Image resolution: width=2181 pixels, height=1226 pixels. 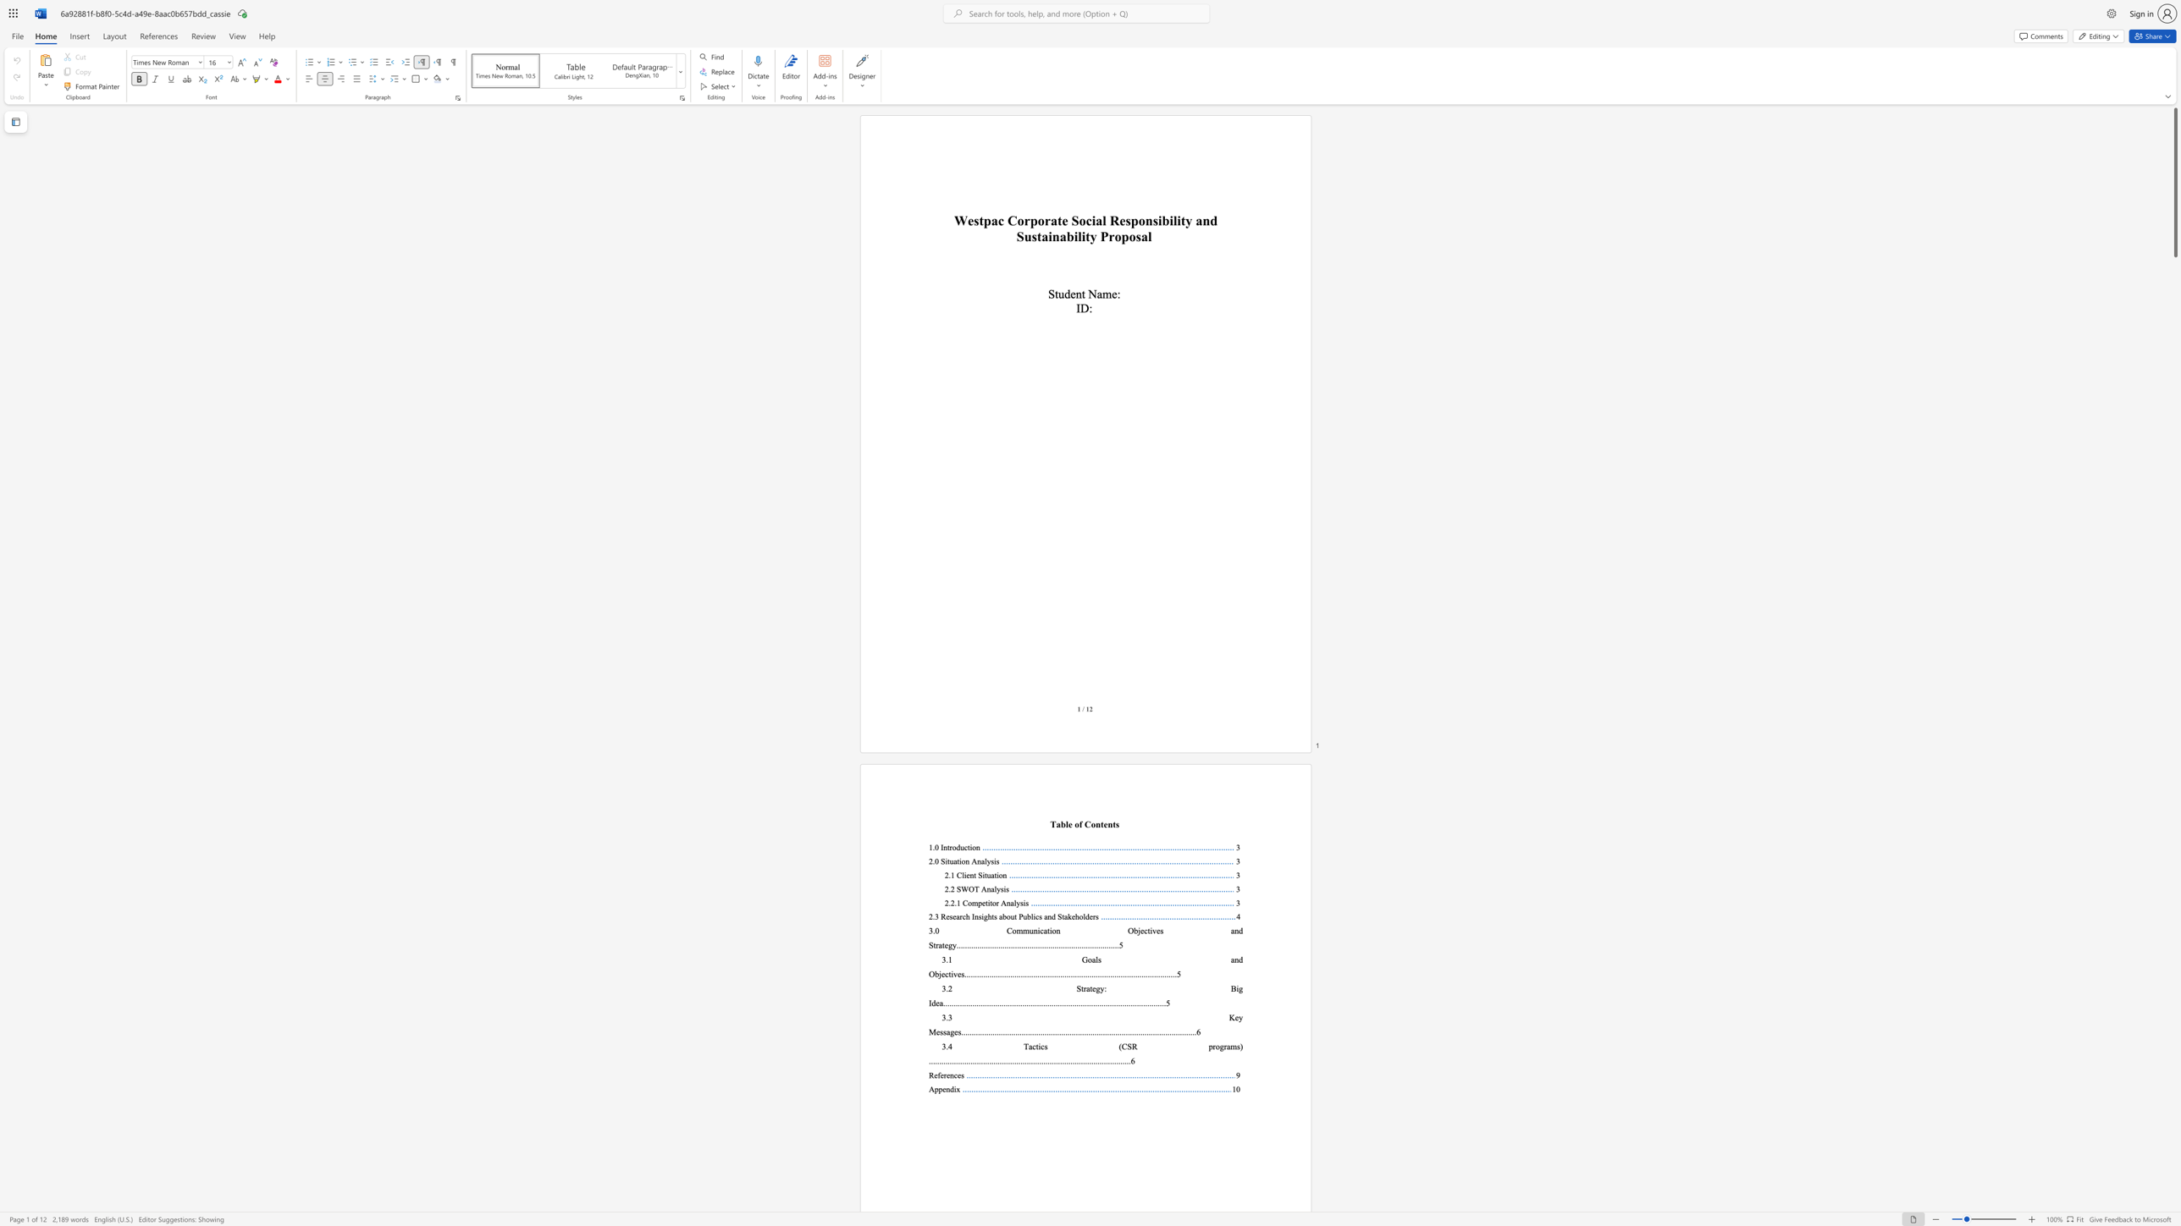 I want to click on the 1th character "K" in the text, so click(x=1231, y=1018).